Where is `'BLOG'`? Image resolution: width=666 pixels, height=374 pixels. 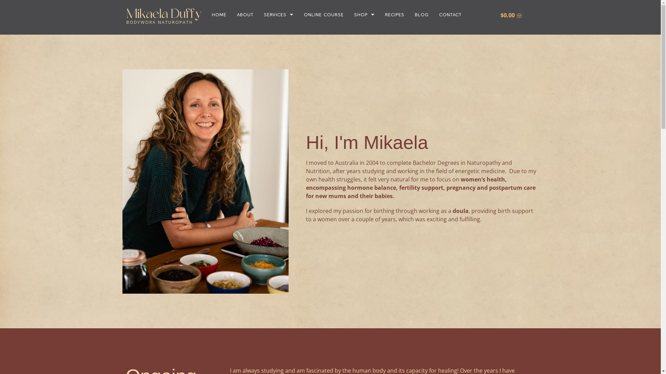
'BLOG' is located at coordinates (421, 15).